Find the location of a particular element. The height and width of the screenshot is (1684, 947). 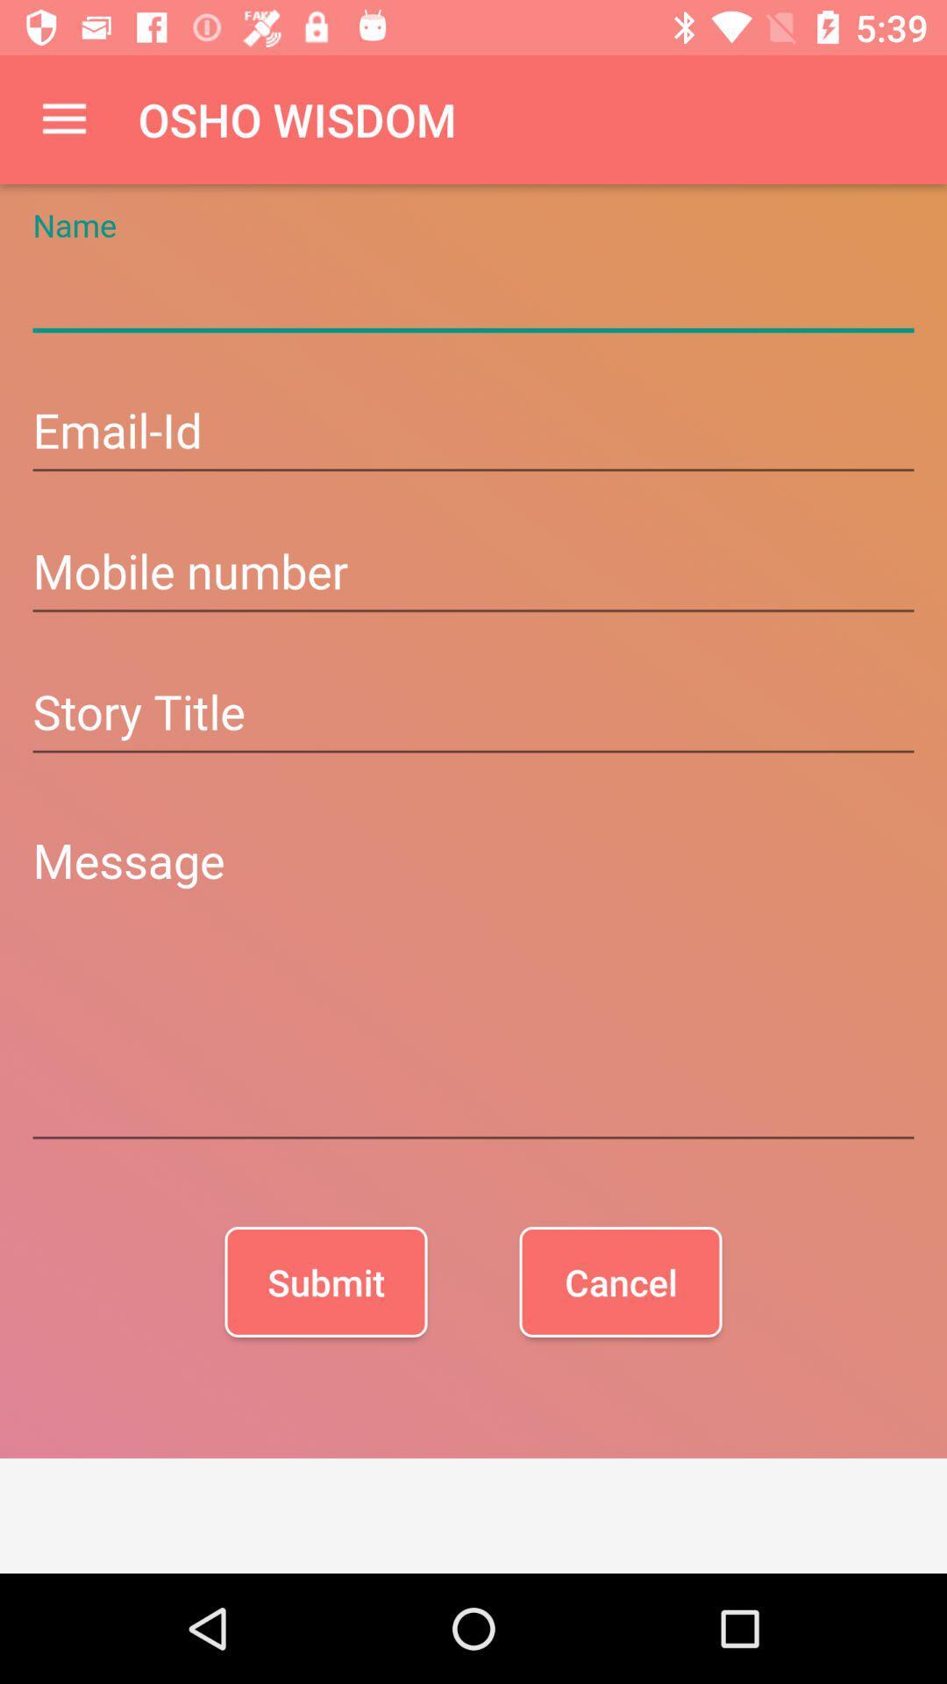

type message is located at coordinates (473, 984).